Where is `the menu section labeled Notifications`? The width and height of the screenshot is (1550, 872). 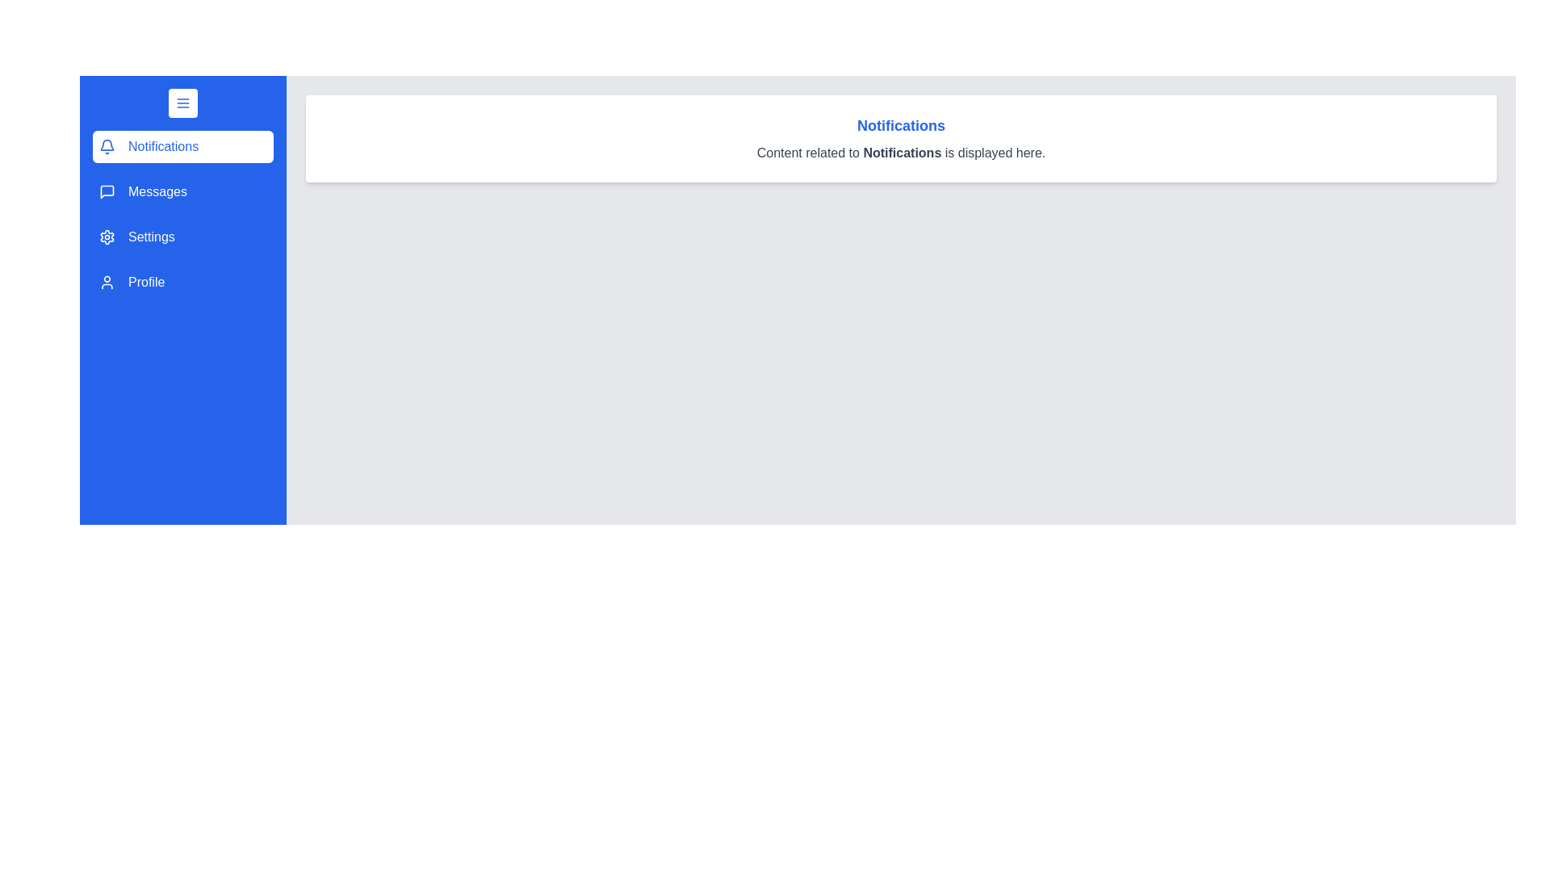 the menu section labeled Notifications is located at coordinates (182, 146).